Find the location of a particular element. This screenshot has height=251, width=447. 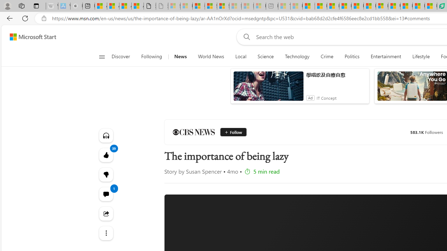

'CBS News' is located at coordinates (193, 132).